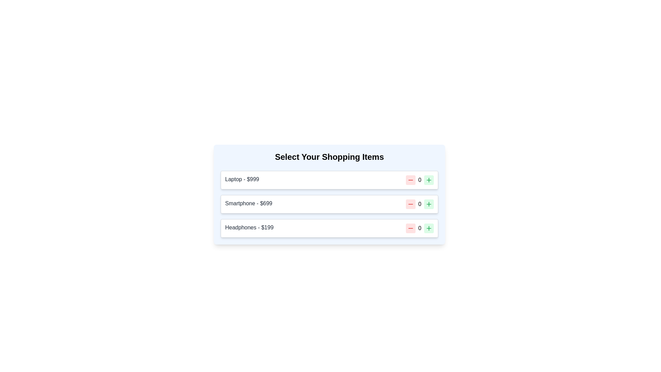  I want to click on the decrement button located to the left of the '0' text in the 'Headphones - $199' line of the shopping list interface, so click(411, 228).